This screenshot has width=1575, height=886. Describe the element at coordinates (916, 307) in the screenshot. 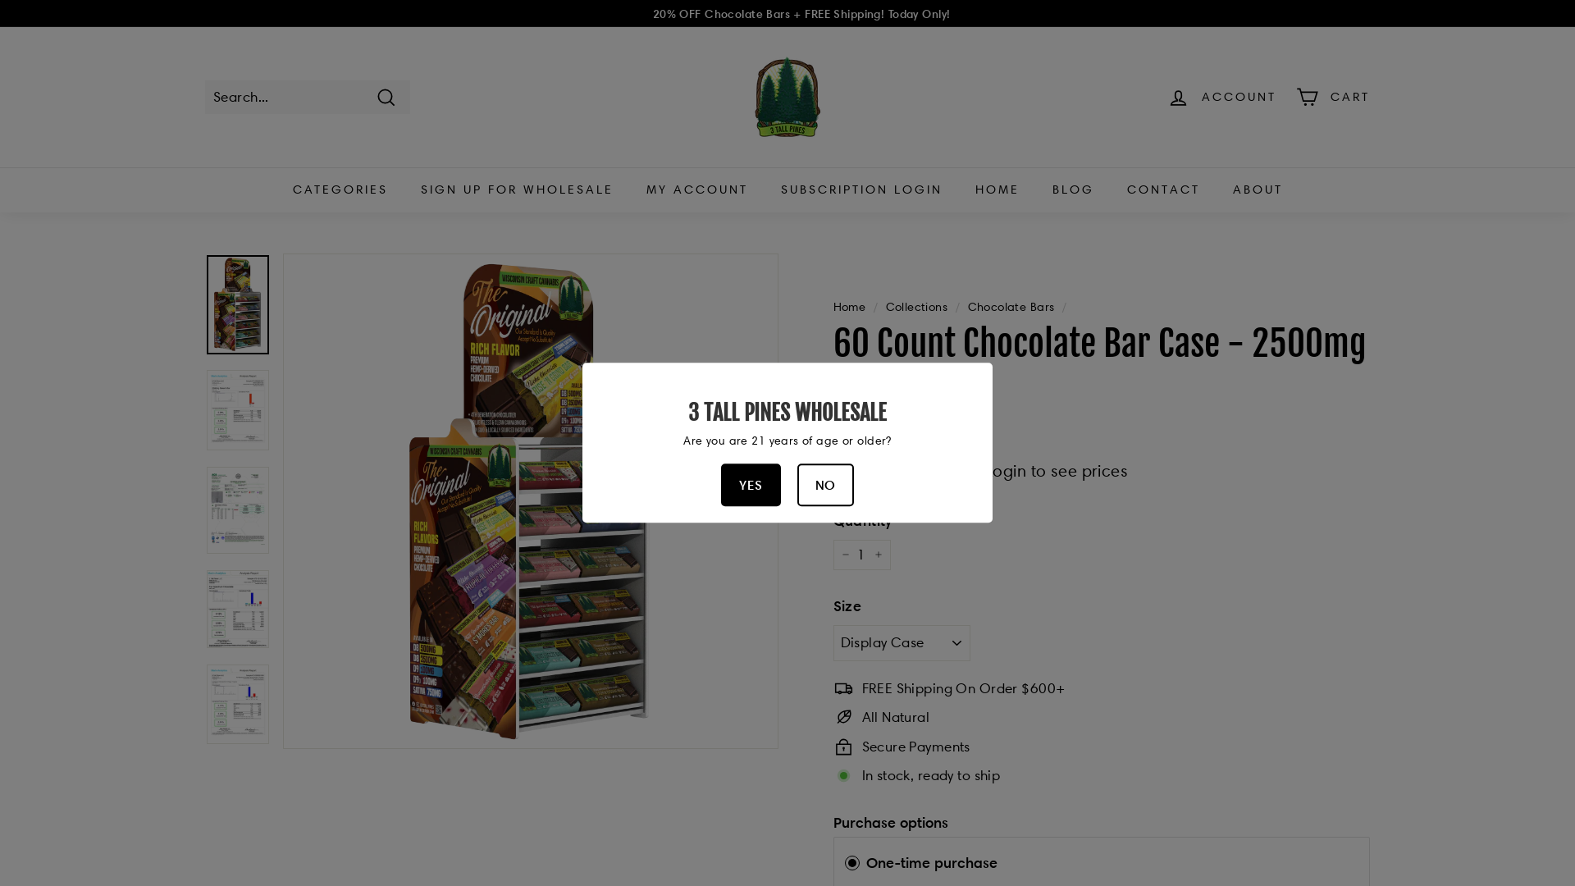

I see `'Collections'` at that location.